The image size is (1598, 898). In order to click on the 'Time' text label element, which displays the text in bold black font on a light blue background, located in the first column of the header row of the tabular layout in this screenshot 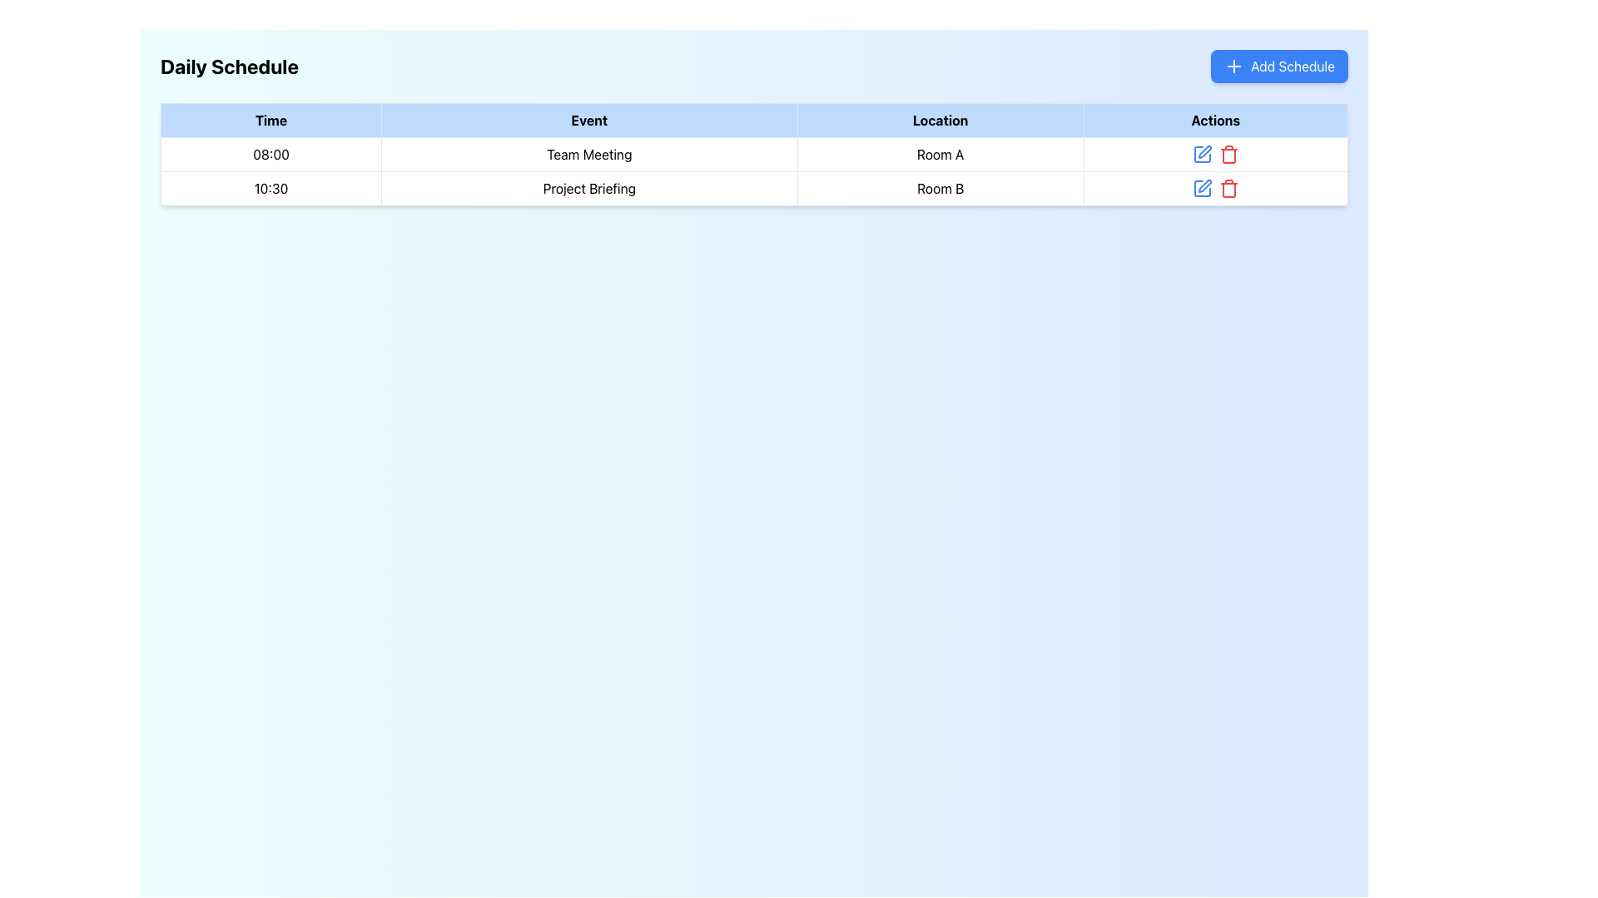, I will do `click(271, 120)`.